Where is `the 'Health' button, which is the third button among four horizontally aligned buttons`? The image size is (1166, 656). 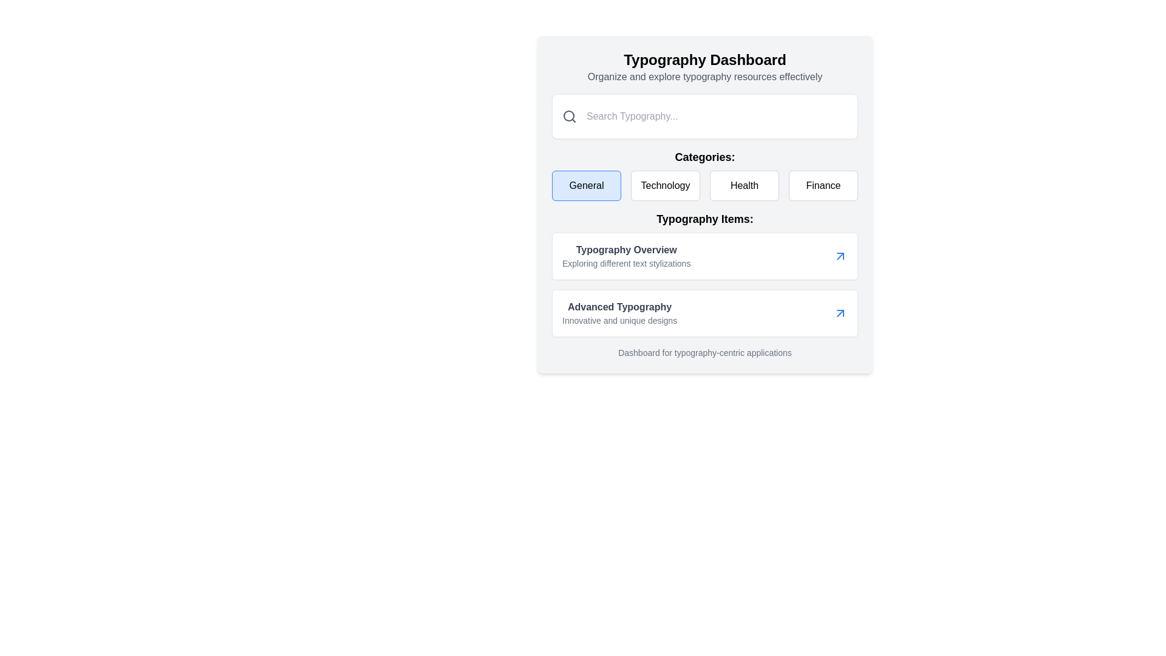
the 'Health' button, which is the third button among four horizontally aligned buttons is located at coordinates (743, 185).